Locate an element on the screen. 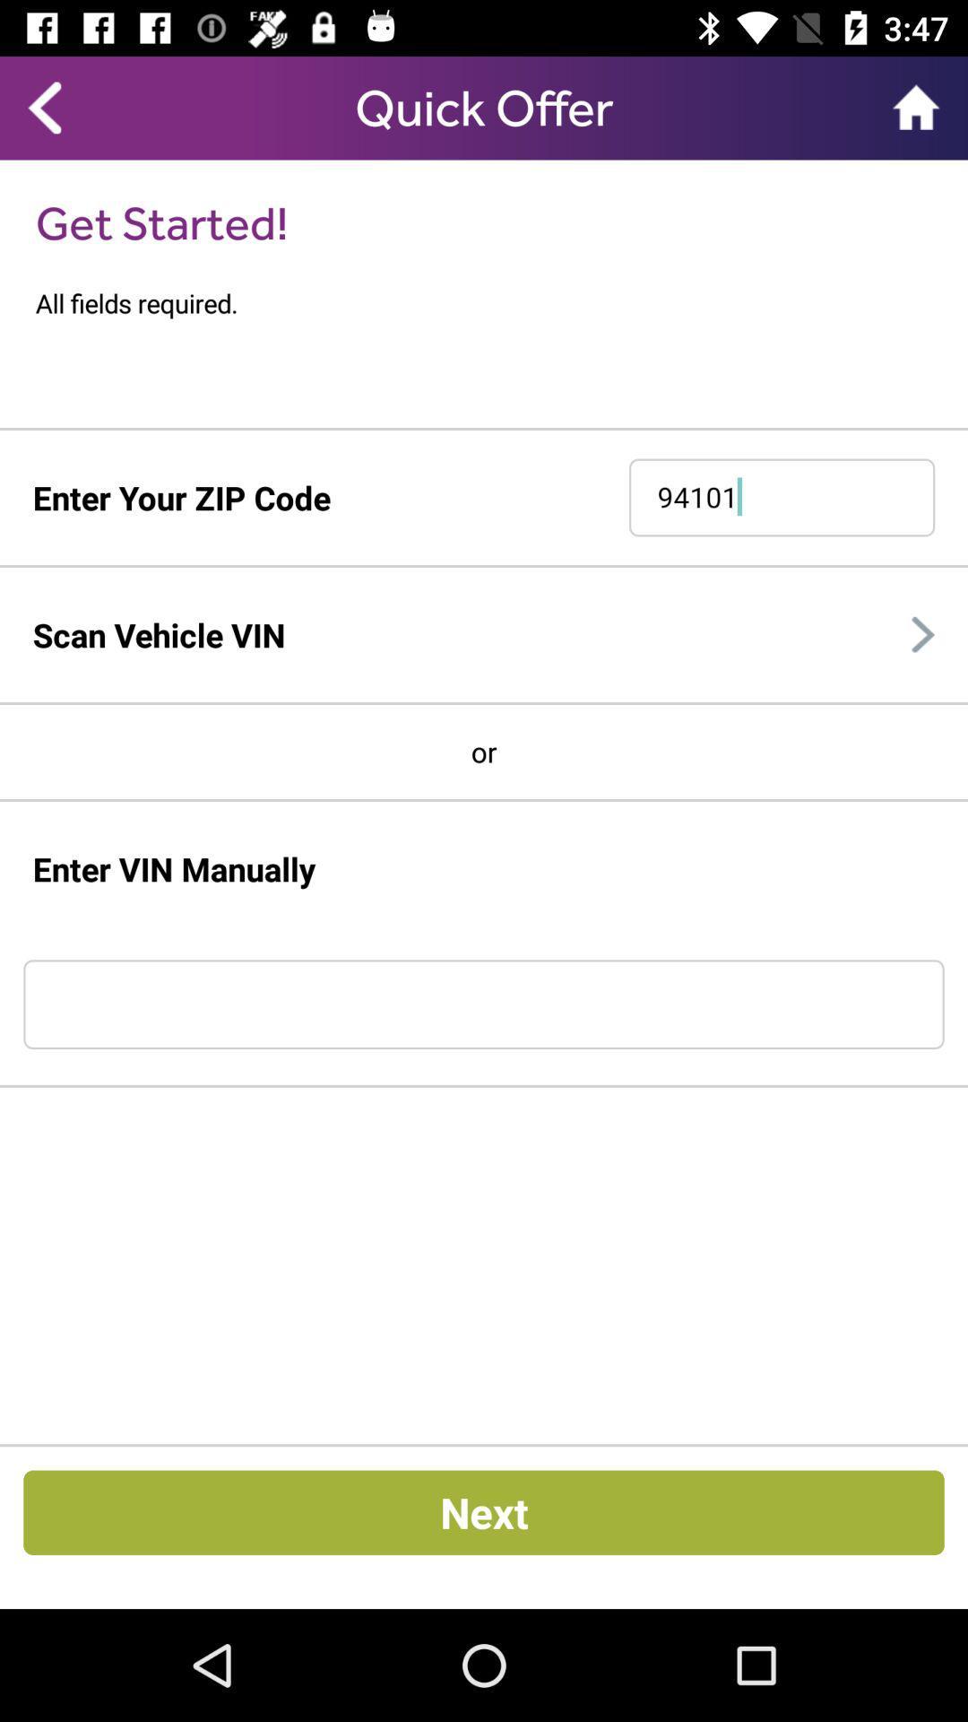 Image resolution: width=968 pixels, height=1722 pixels. item to the left of the quick offer icon is located at coordinates (43, 107).